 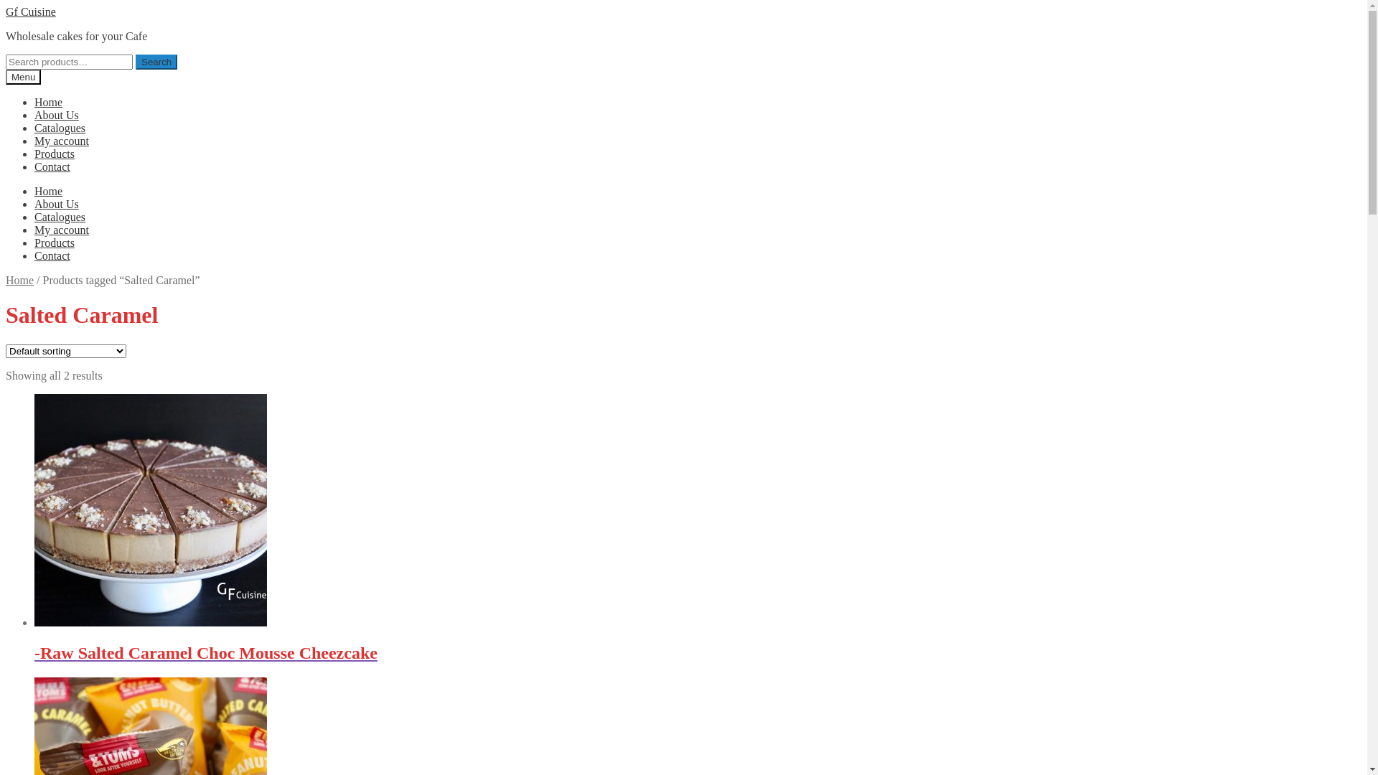 I want to click on 'Contact', so click(x=52, y=255).